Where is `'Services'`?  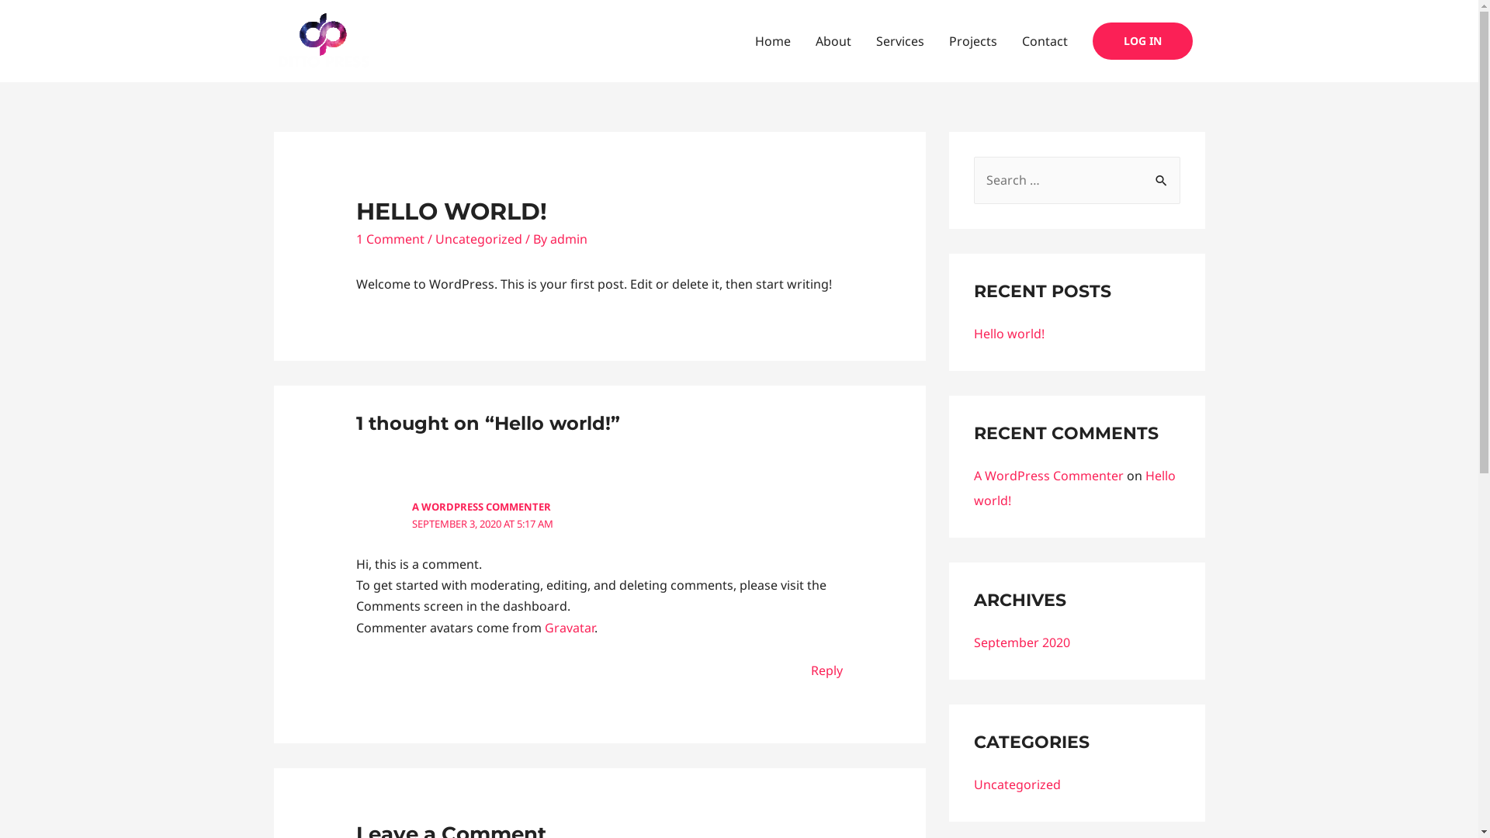
'Services' is located at coordinates (899, 40).